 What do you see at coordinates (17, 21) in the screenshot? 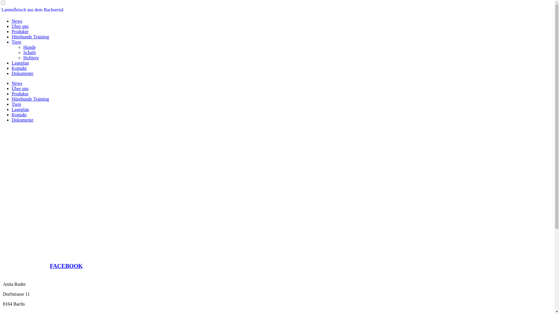
I see `'News'` at bounding box center [17, 21].